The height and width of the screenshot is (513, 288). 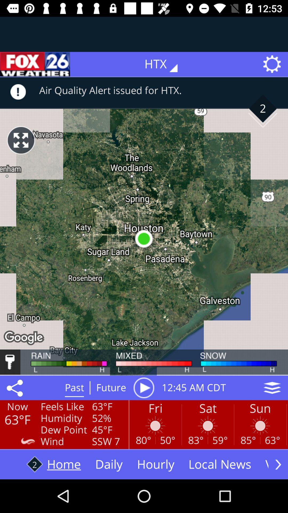 What do you see at coordinates (15, 388) in the screenshot?
I see `the share icon` at bounding box center [15, 388].